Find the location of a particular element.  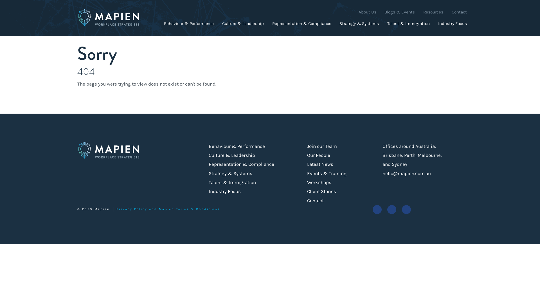

'Talent & Immigration' is located at coordinates (232, 182).